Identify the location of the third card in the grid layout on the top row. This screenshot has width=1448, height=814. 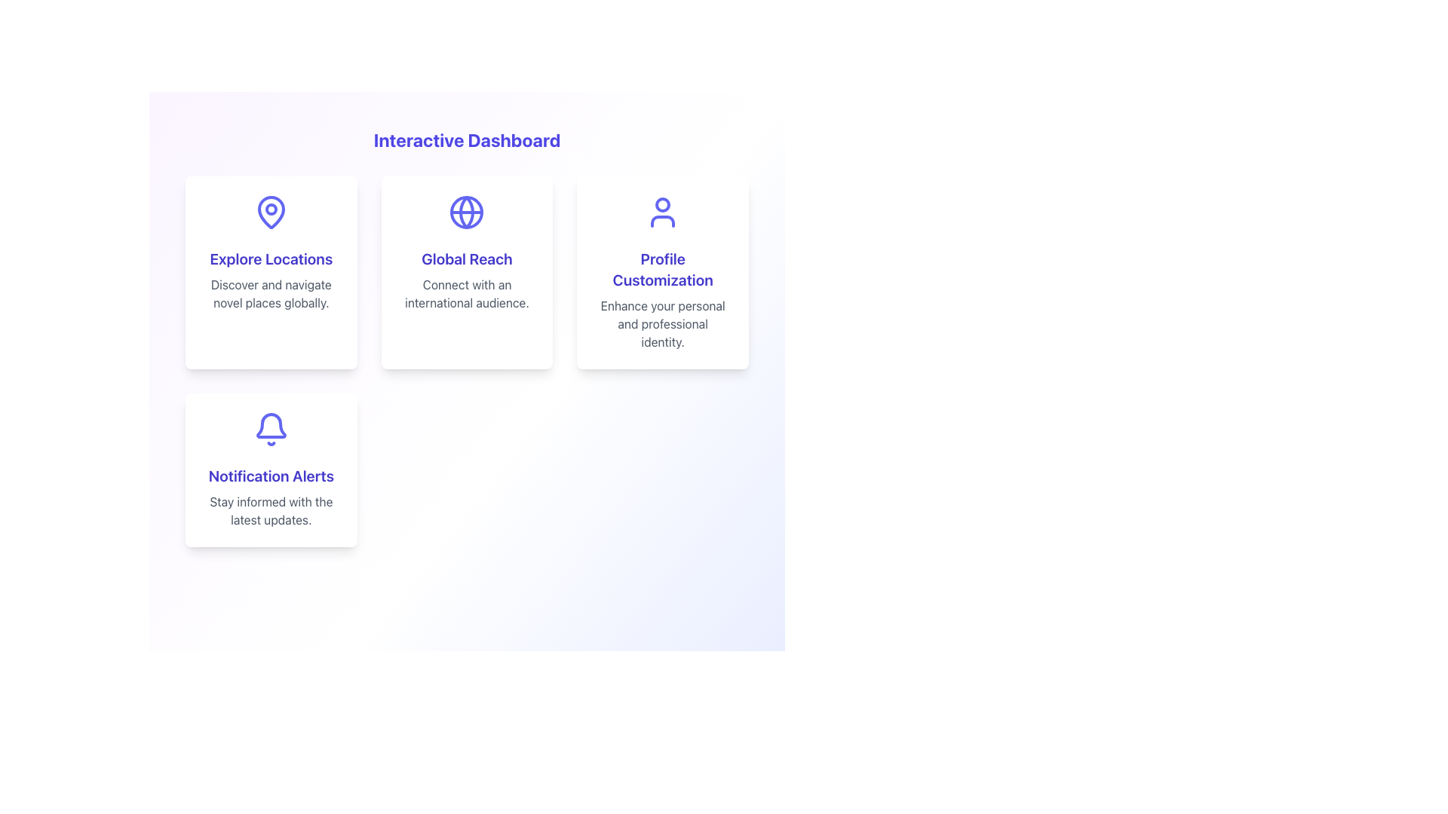
(663, 273).